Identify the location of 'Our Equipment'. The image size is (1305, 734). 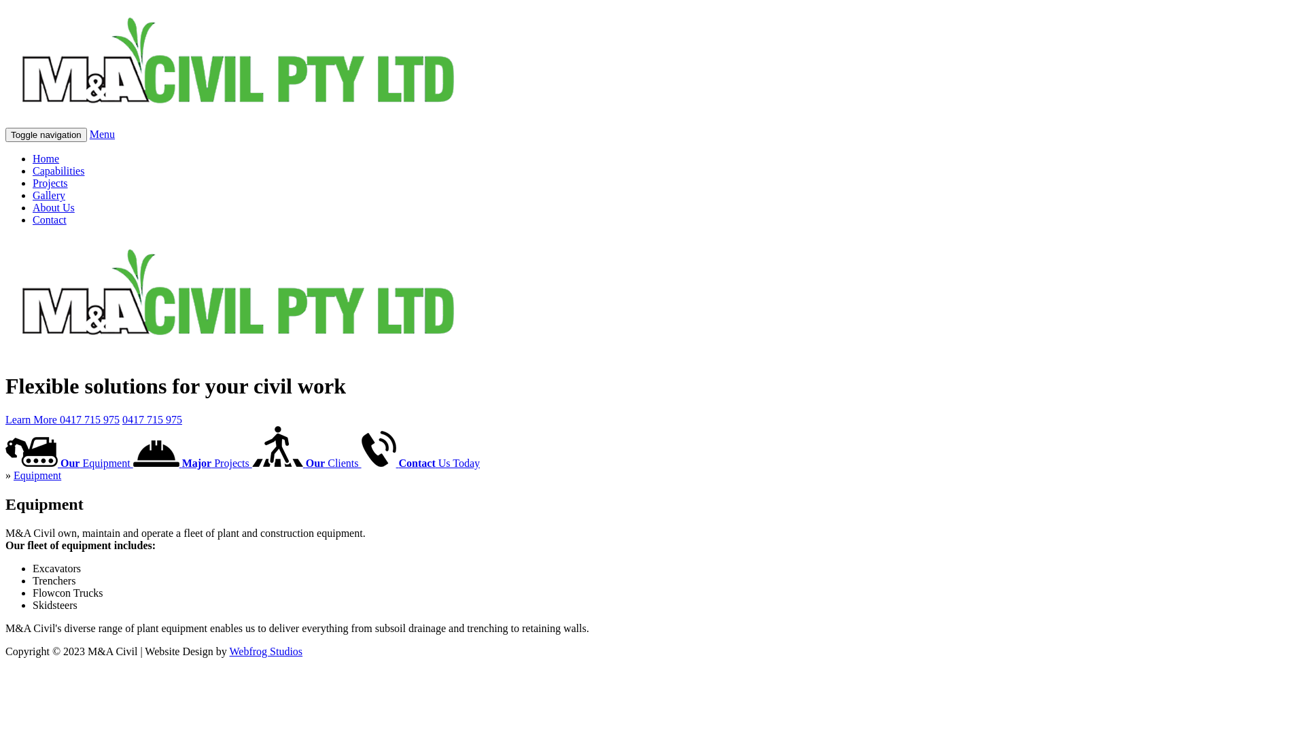
(68, 462).